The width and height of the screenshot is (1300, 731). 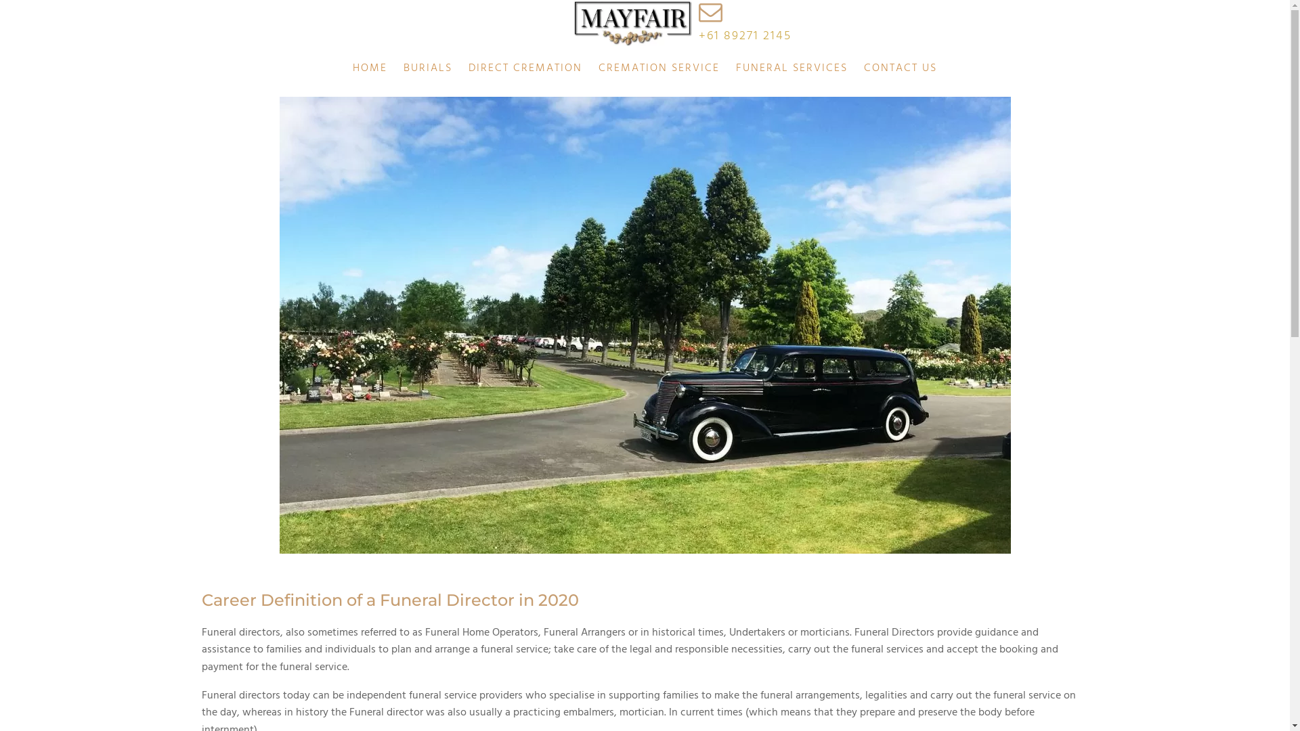 I want to click on 'HOME', so click(x=370, y=68).